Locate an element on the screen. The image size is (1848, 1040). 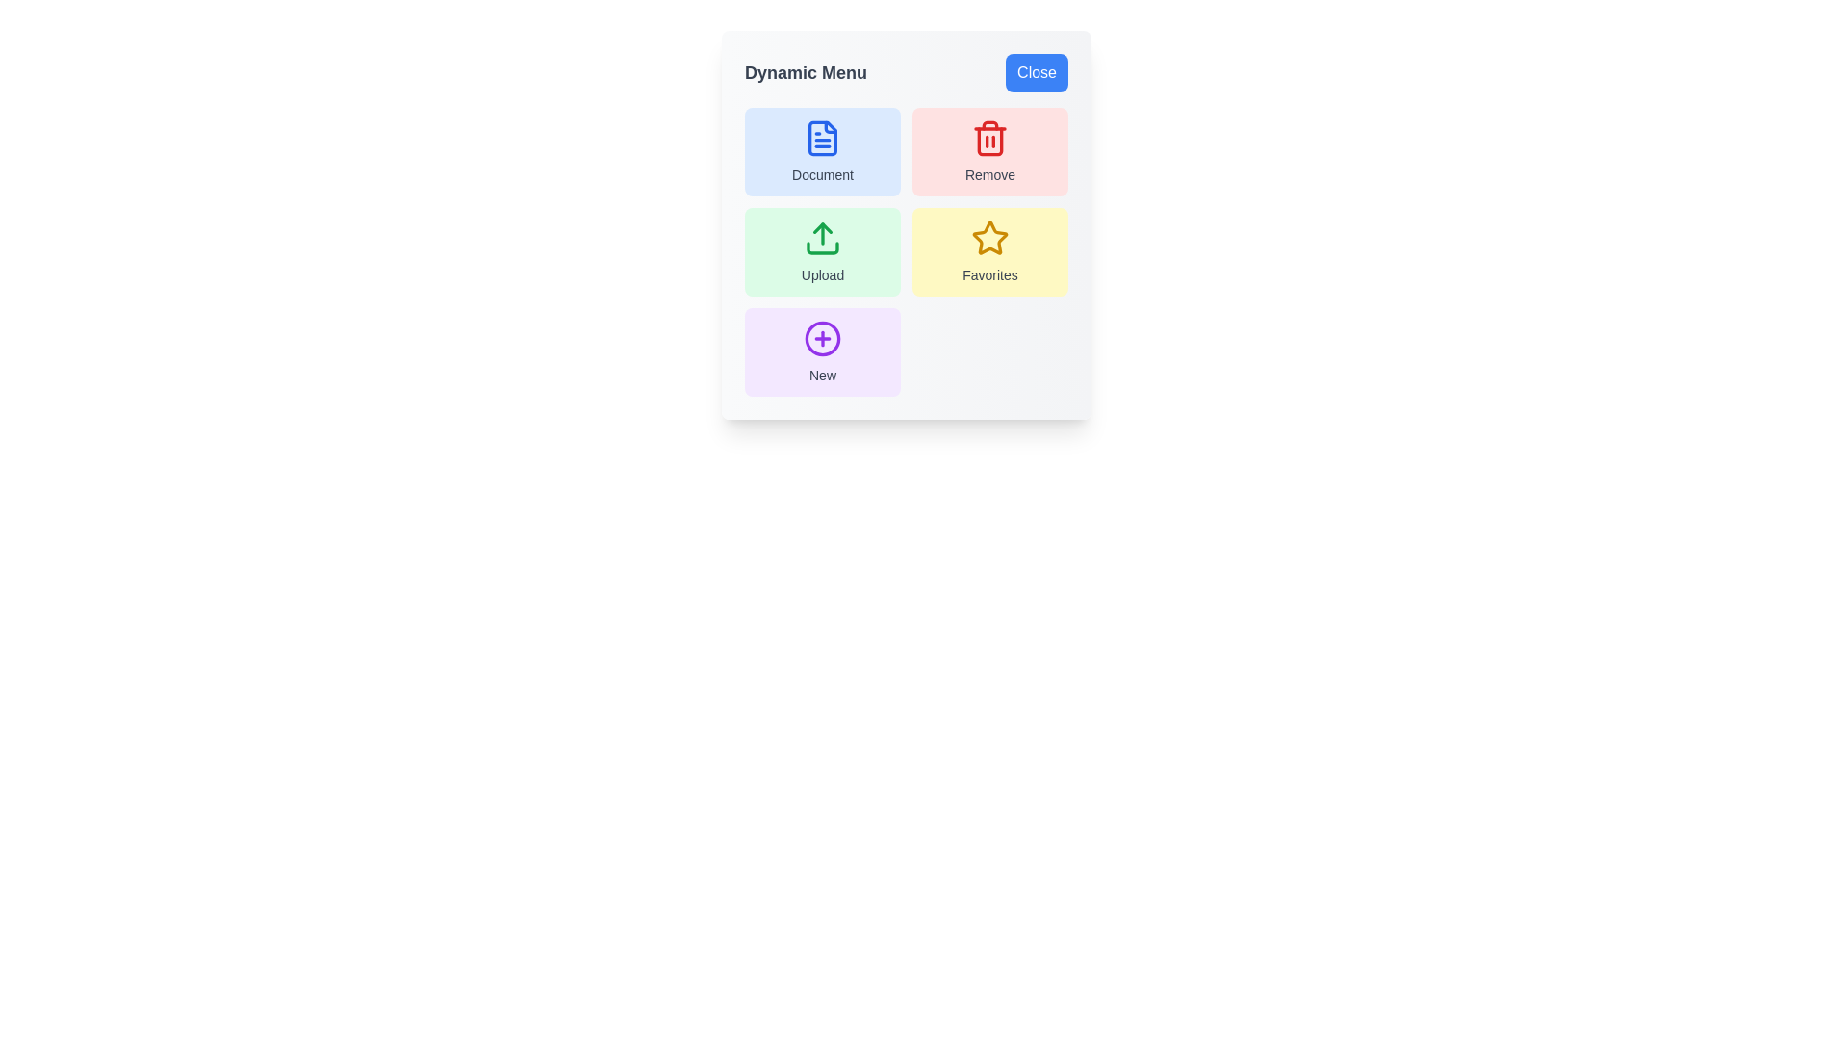
the 'Upload' button, which is a rounded rectangular button with a green background and an upward arrow icon is located at coordinates (822, 251).